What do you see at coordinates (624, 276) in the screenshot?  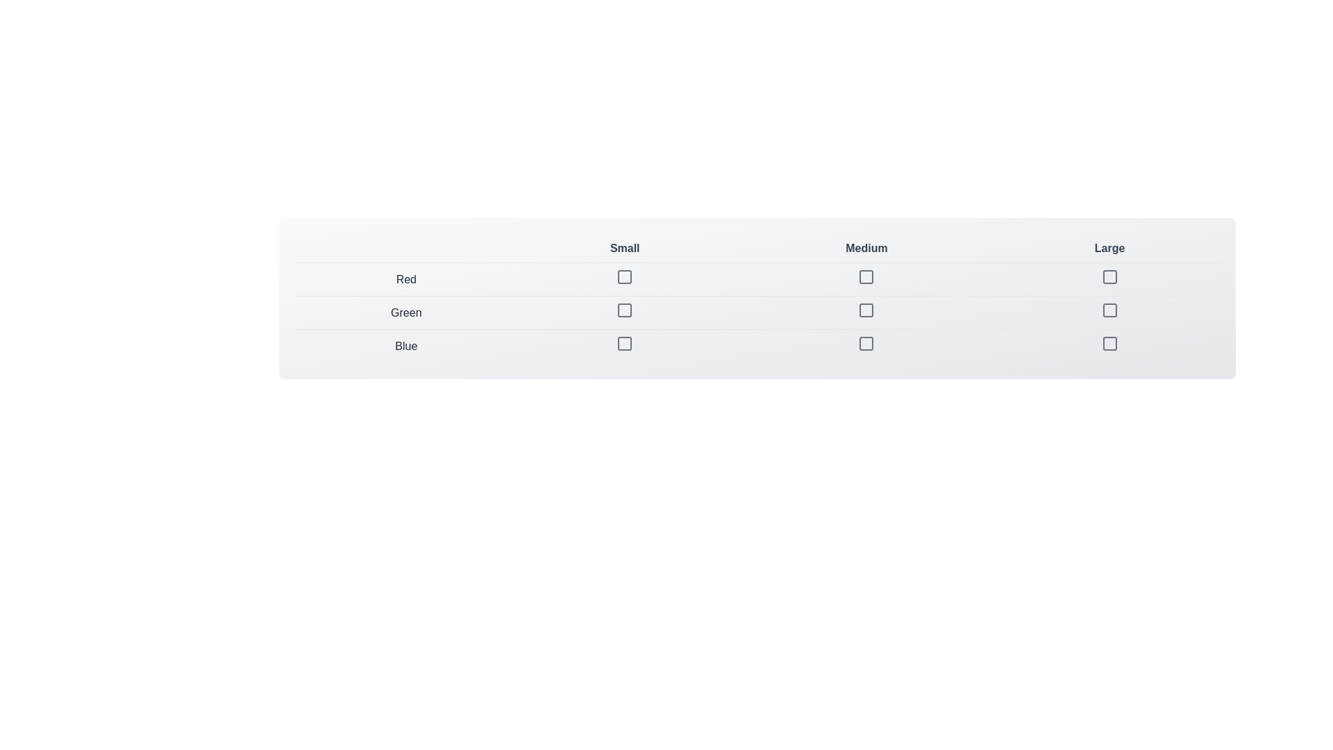 I see `the interactive checkbox for the 'Small' size option in the 'Red' category` at bounding box center [624, 276].